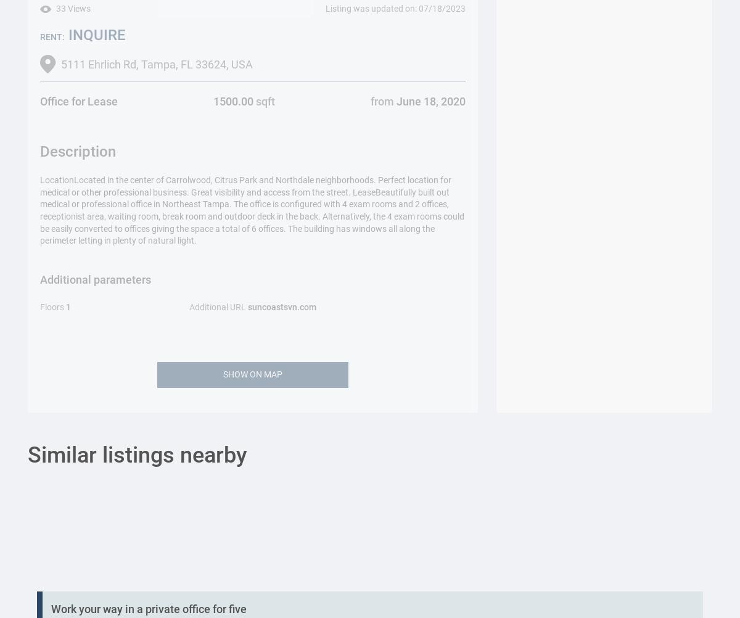 This screenshot has width=740, height=618. I want to click on 'June 18, 2020', so click(429, 101).